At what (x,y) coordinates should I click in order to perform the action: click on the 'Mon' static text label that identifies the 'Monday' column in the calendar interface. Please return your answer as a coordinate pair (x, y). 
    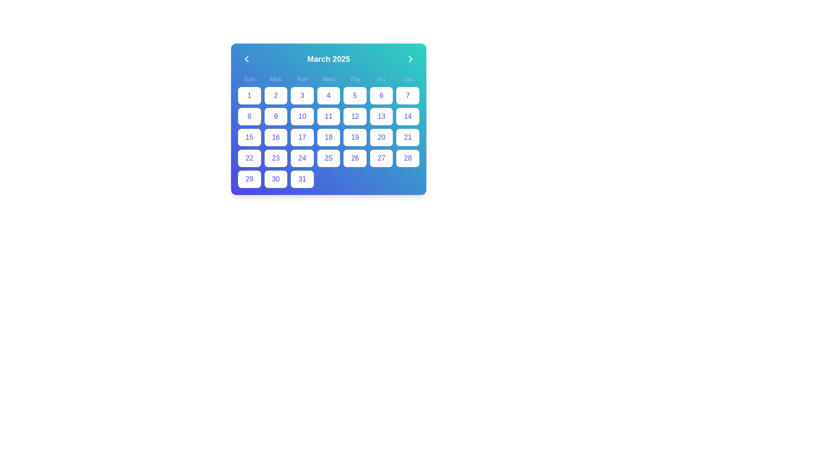
    Looking at the image, I should click on (275, 79).